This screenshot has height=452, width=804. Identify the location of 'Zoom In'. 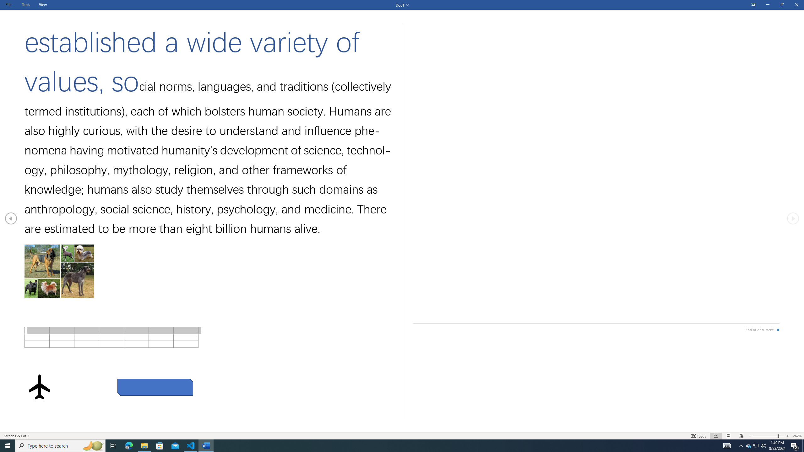
(781, 436).